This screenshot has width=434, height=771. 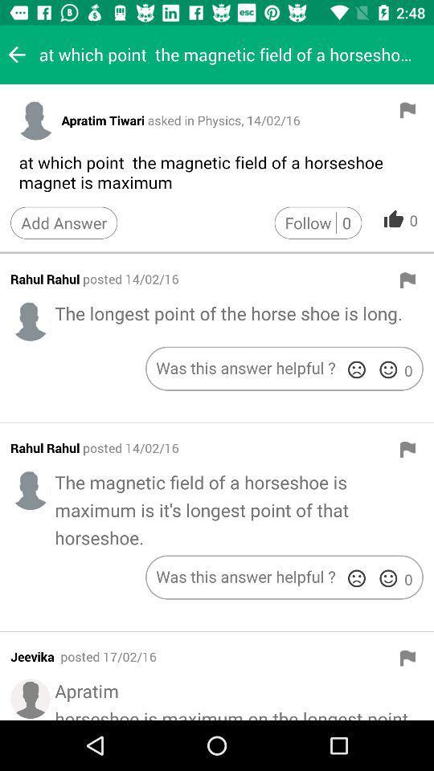 What do you see at coordinates (31, 489) in the screenshot?
I see `click on profile thumbnail` at bounding box center [31, 489].